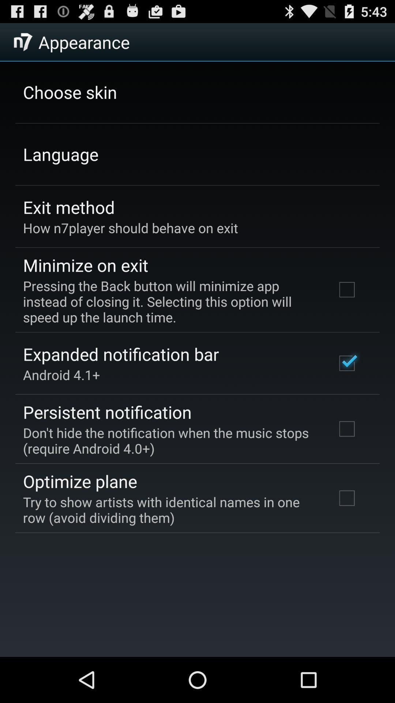 The height and width of the screenshot is (703, 395). I want to click on the app at the bottom, so click(169, 509).